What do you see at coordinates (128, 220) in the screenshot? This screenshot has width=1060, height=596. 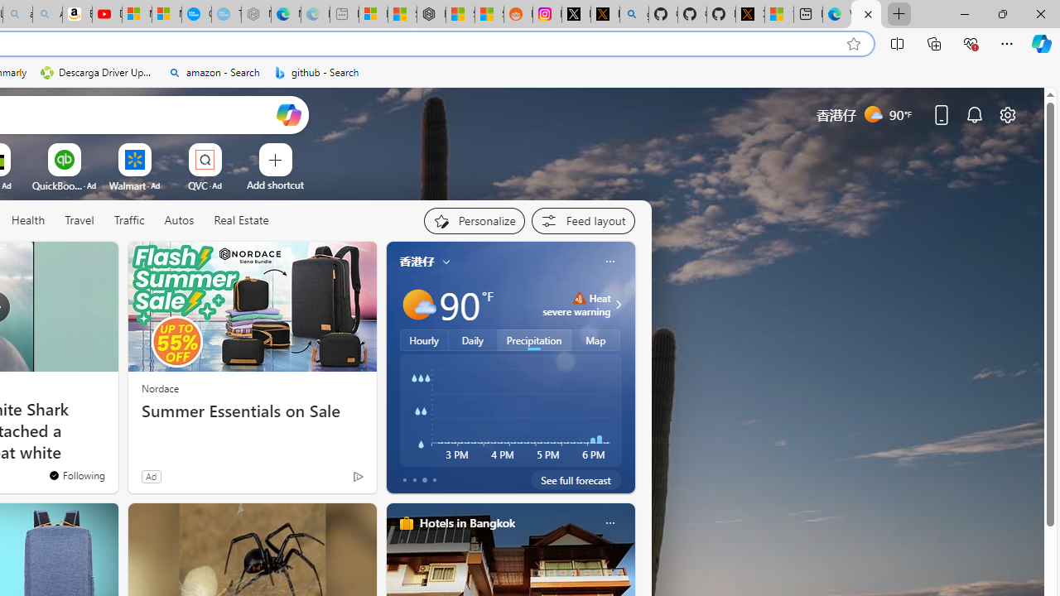 I see `'Traffic'` at bounding box center [128, 220].